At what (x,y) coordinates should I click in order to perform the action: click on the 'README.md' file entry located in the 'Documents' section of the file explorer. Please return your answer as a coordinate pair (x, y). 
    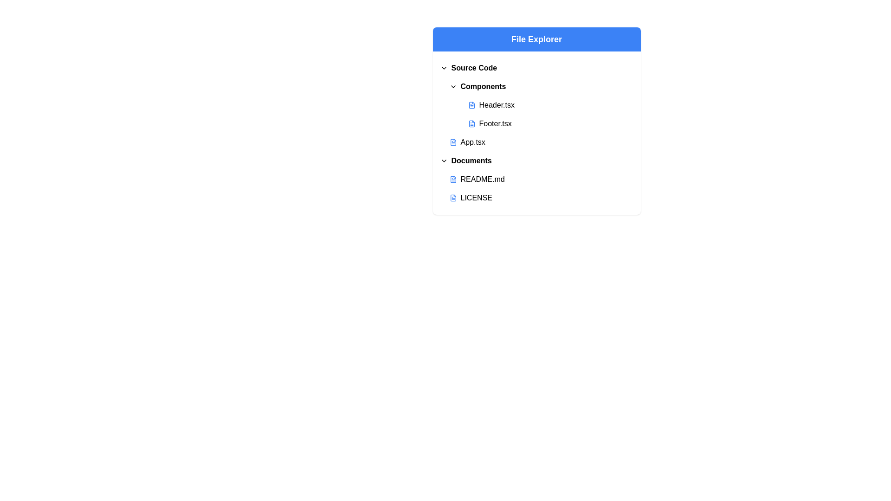
    Looking at the image, I should click on (541, 179).